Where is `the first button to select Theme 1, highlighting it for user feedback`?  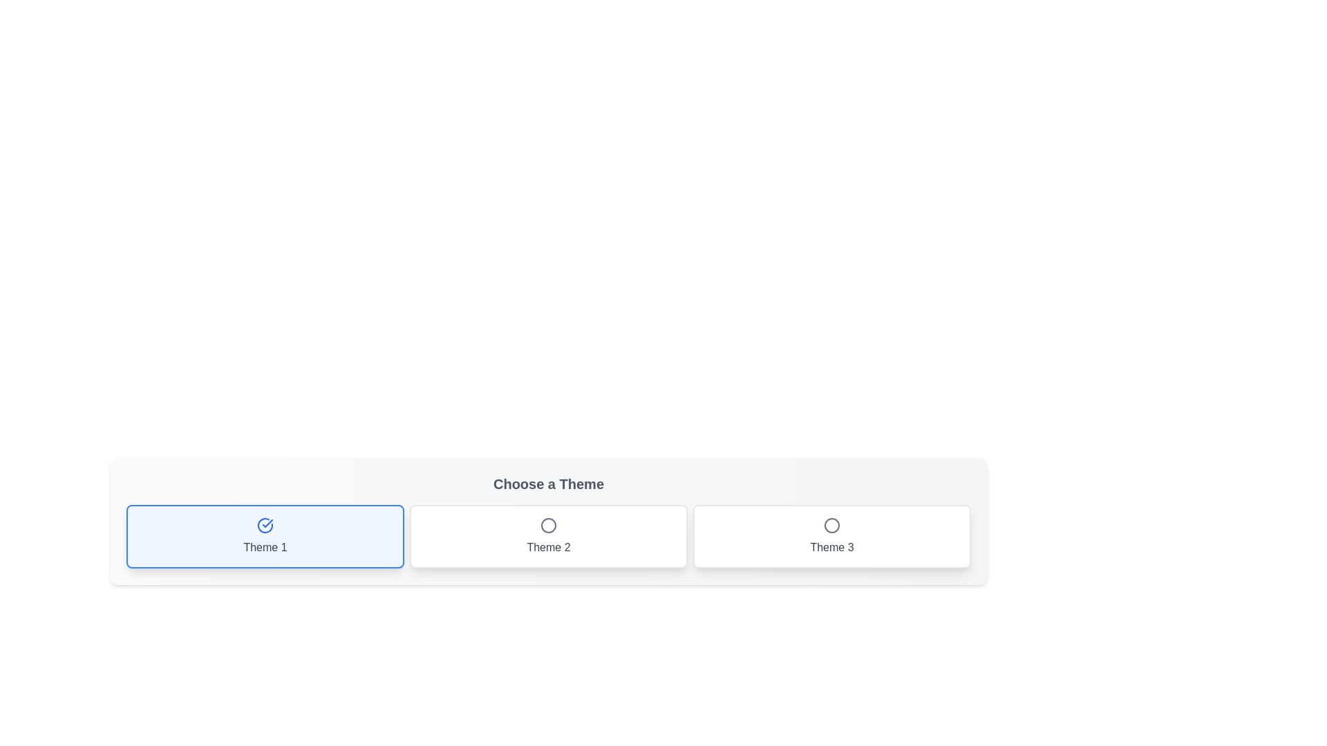 the first button to select Theme 1, highlighting it for user feedback is located at coordinates (265, 535).